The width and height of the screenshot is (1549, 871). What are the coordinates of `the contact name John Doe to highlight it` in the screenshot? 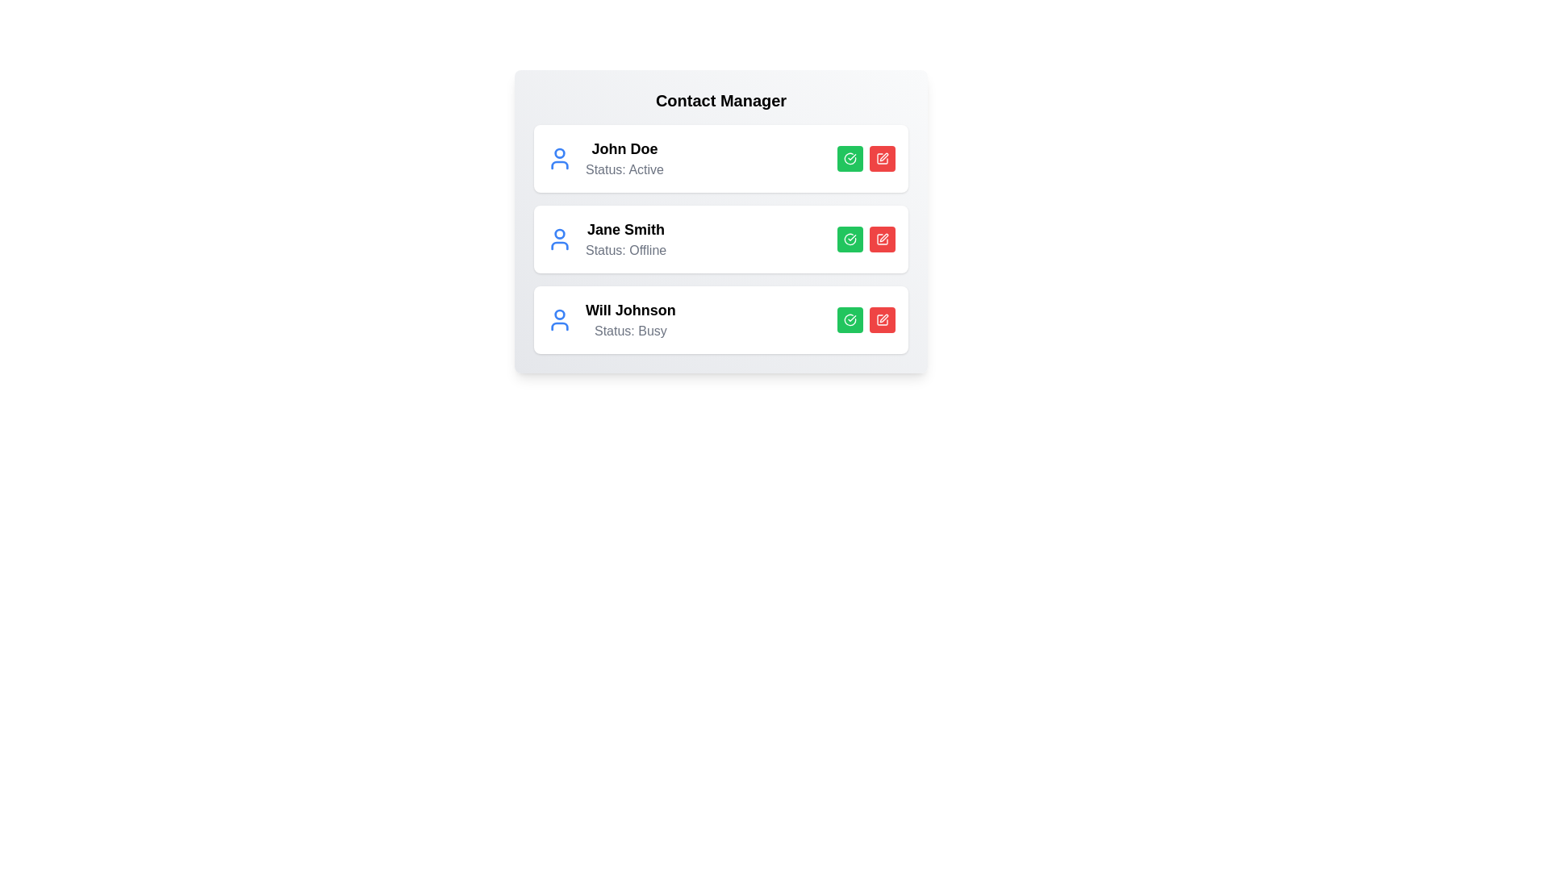 It's located at (623, 149).